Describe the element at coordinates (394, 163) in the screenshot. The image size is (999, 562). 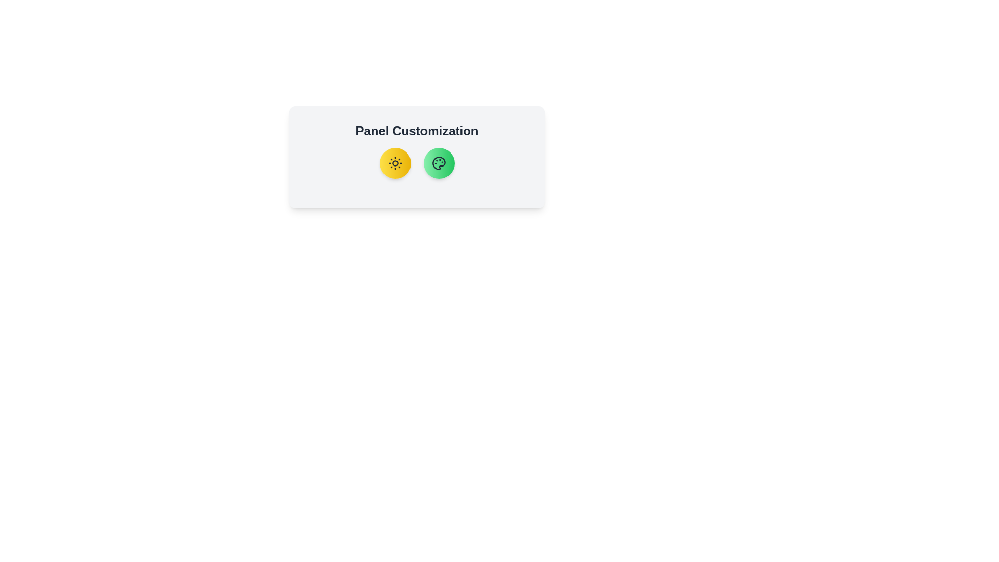
I see `the circle SVG element that represents the brightness of the sun icon, located under the 'Panel Customization' heading` at that location.